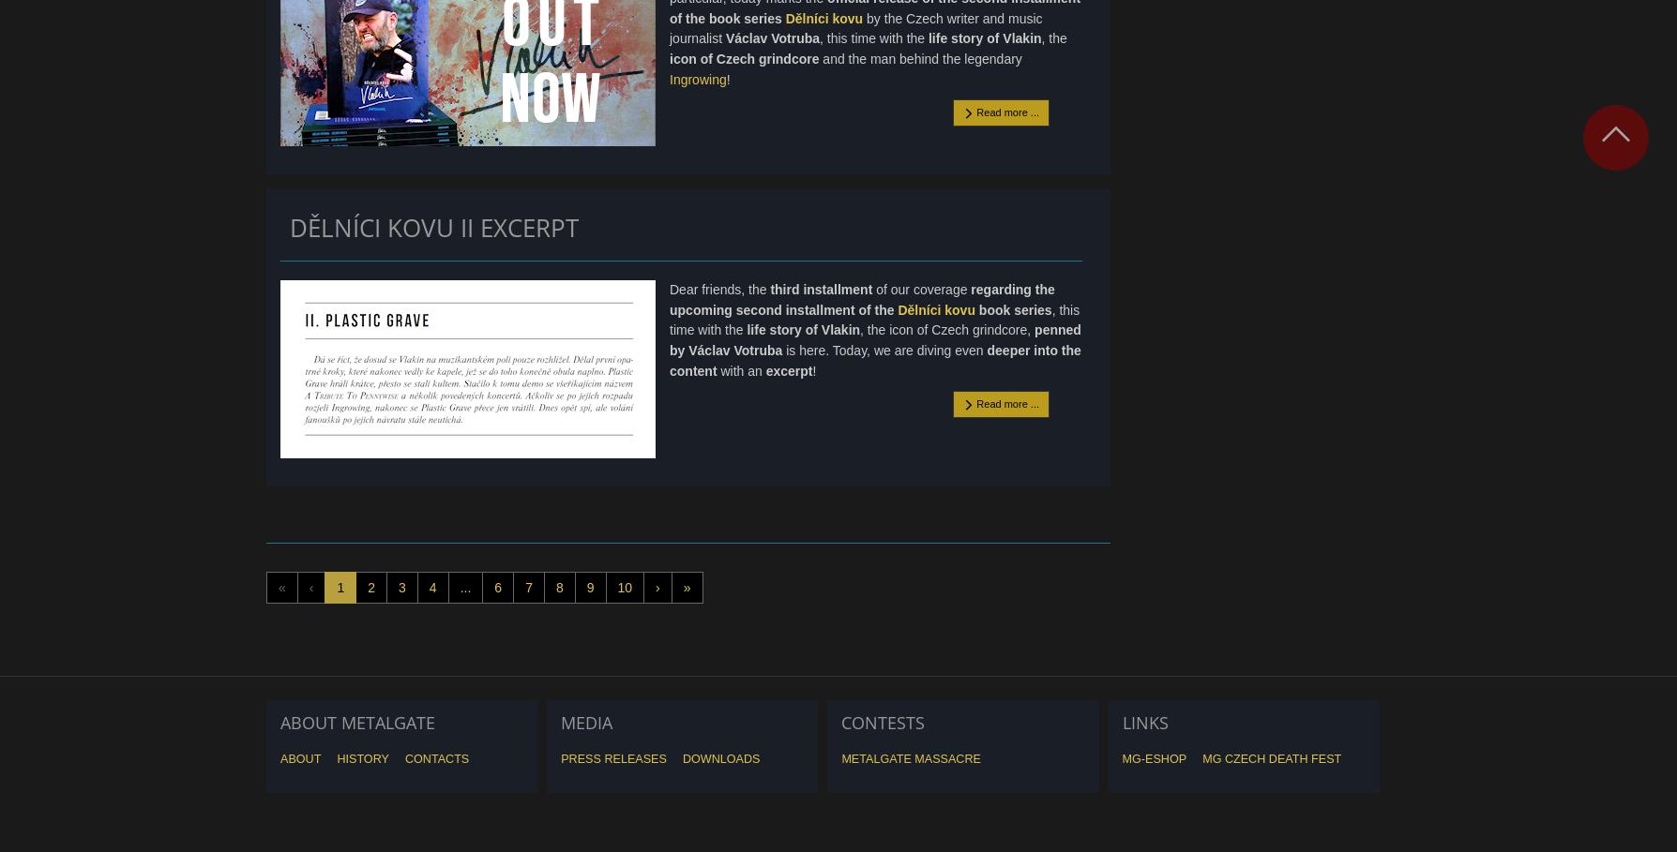 This screenshot has height=852, width=1677. Describe the element at coordinates (883, 721) in the screenshot. I see `'CONTESTS'` at that location.